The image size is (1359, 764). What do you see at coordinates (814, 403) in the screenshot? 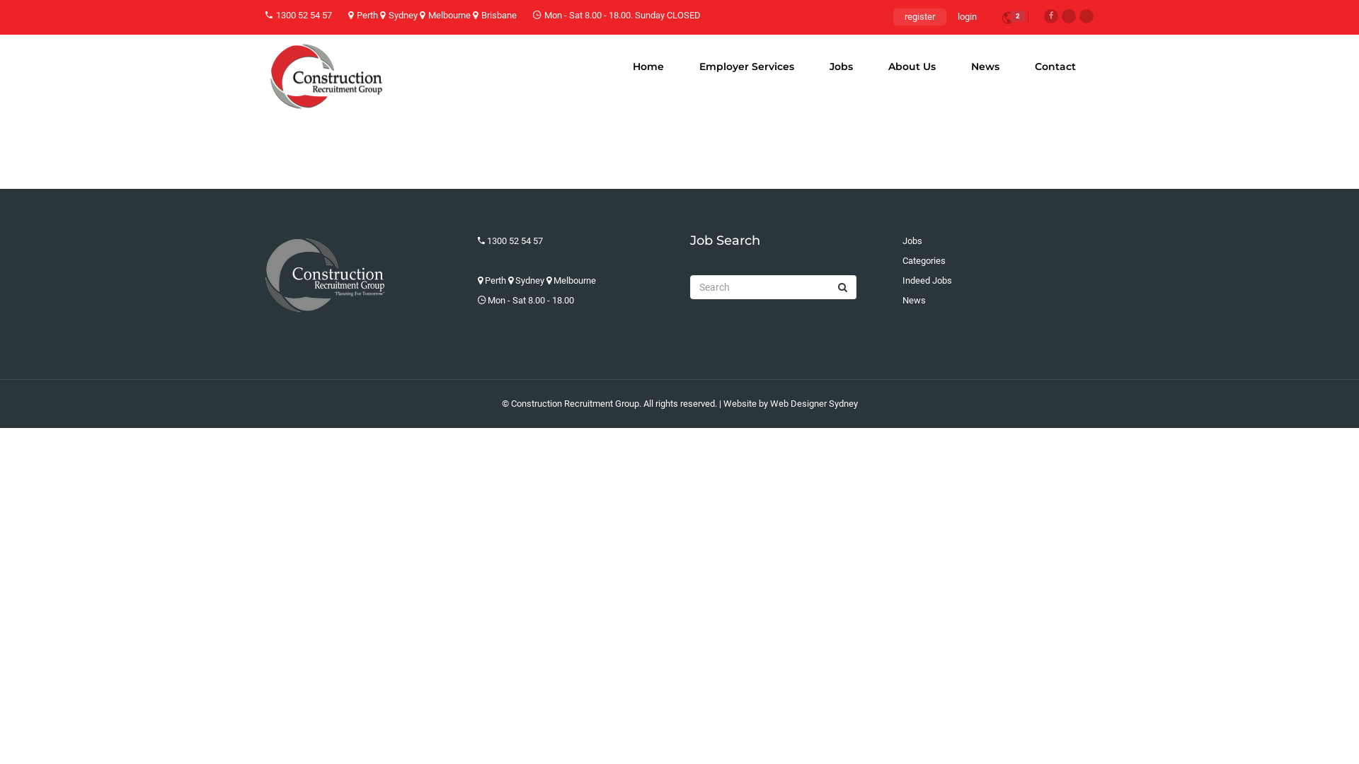
I see `'Web Designer Sydney'` at bounding box center [814, 403].